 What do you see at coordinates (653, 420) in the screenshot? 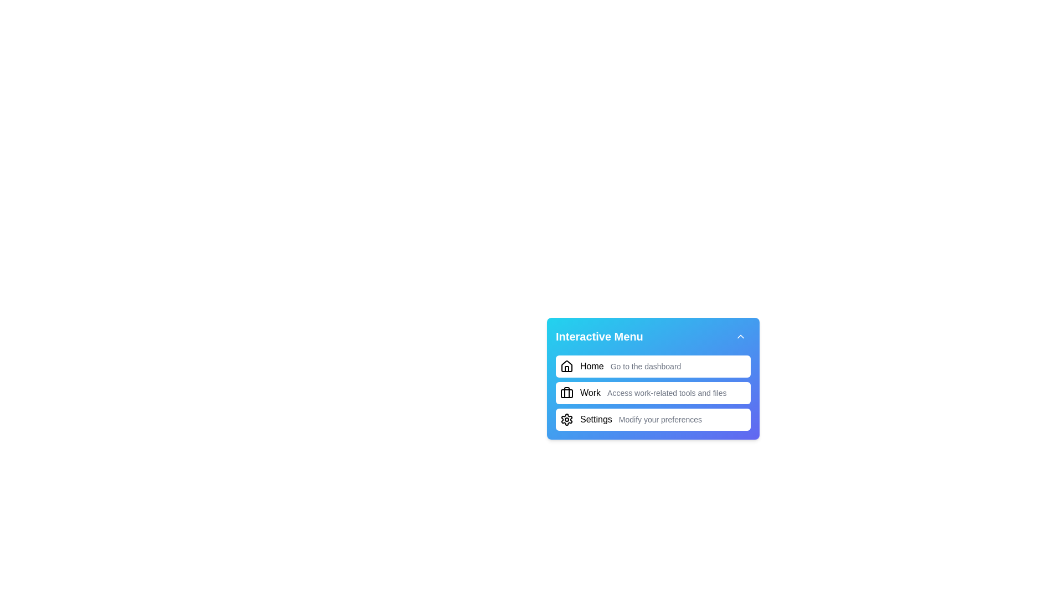
I see `the 'Settings' menu item, which features a gear icon on the left and text aligned to the right` at bounding box center [653, 420].